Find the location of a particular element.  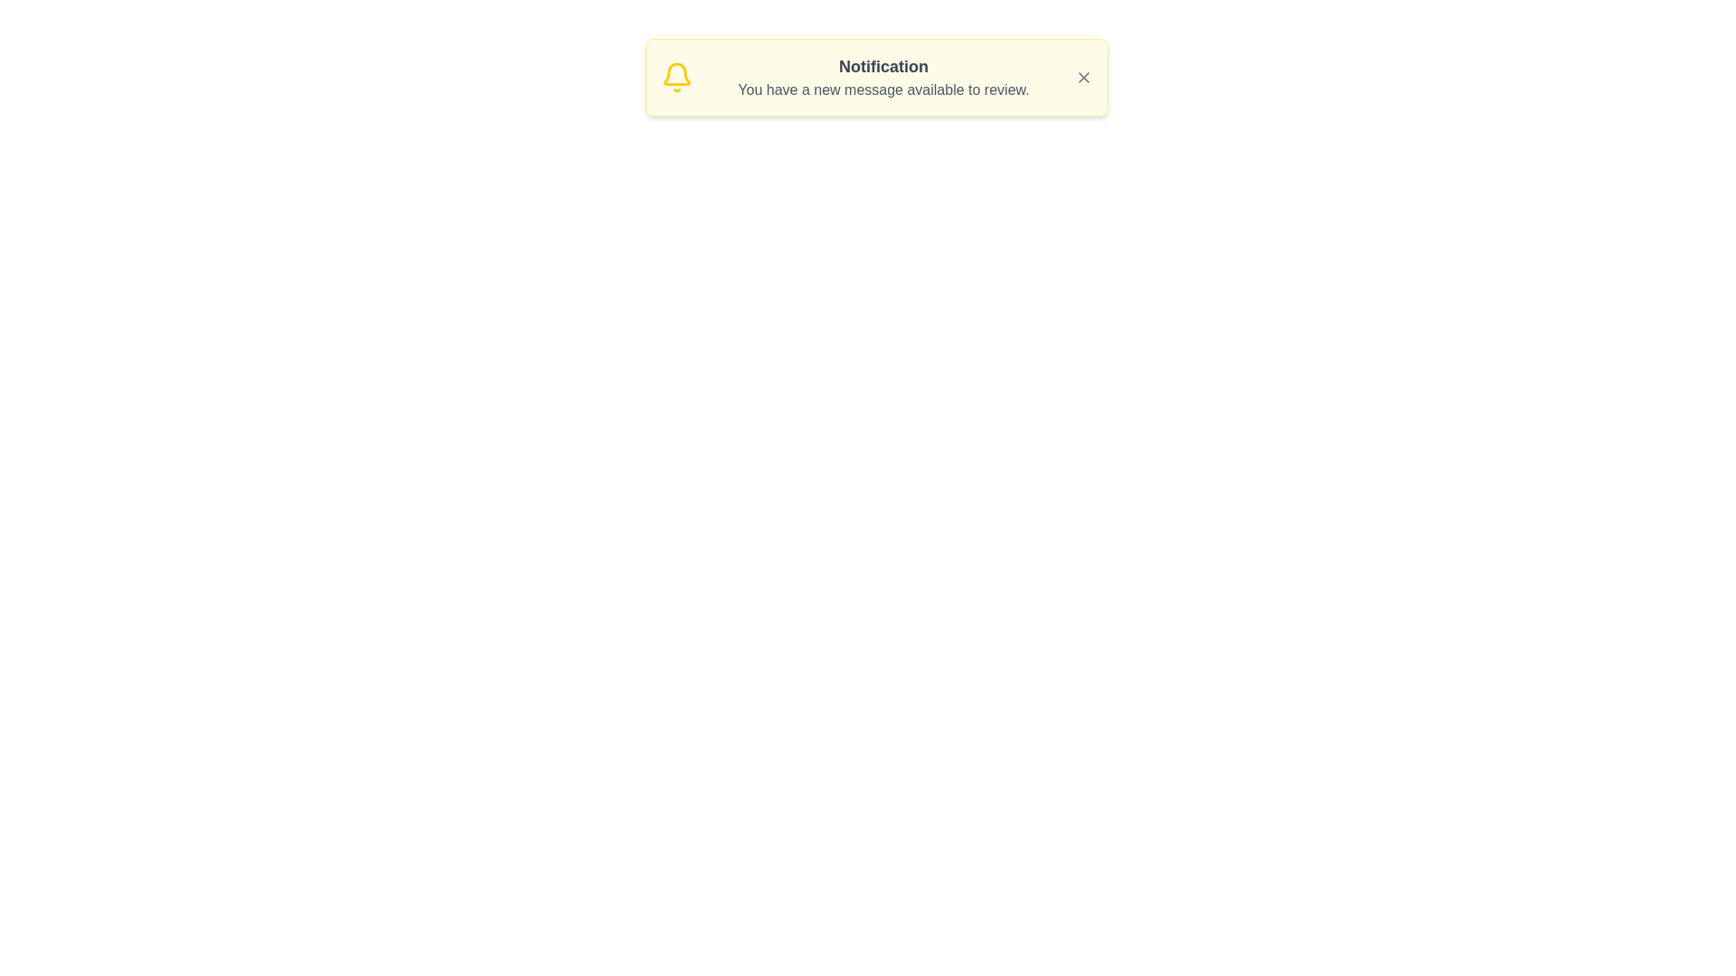

the notification icon located to the left of the notification text in the notification bar, which signals unread messages or updates is located at coordinates (675, 73).